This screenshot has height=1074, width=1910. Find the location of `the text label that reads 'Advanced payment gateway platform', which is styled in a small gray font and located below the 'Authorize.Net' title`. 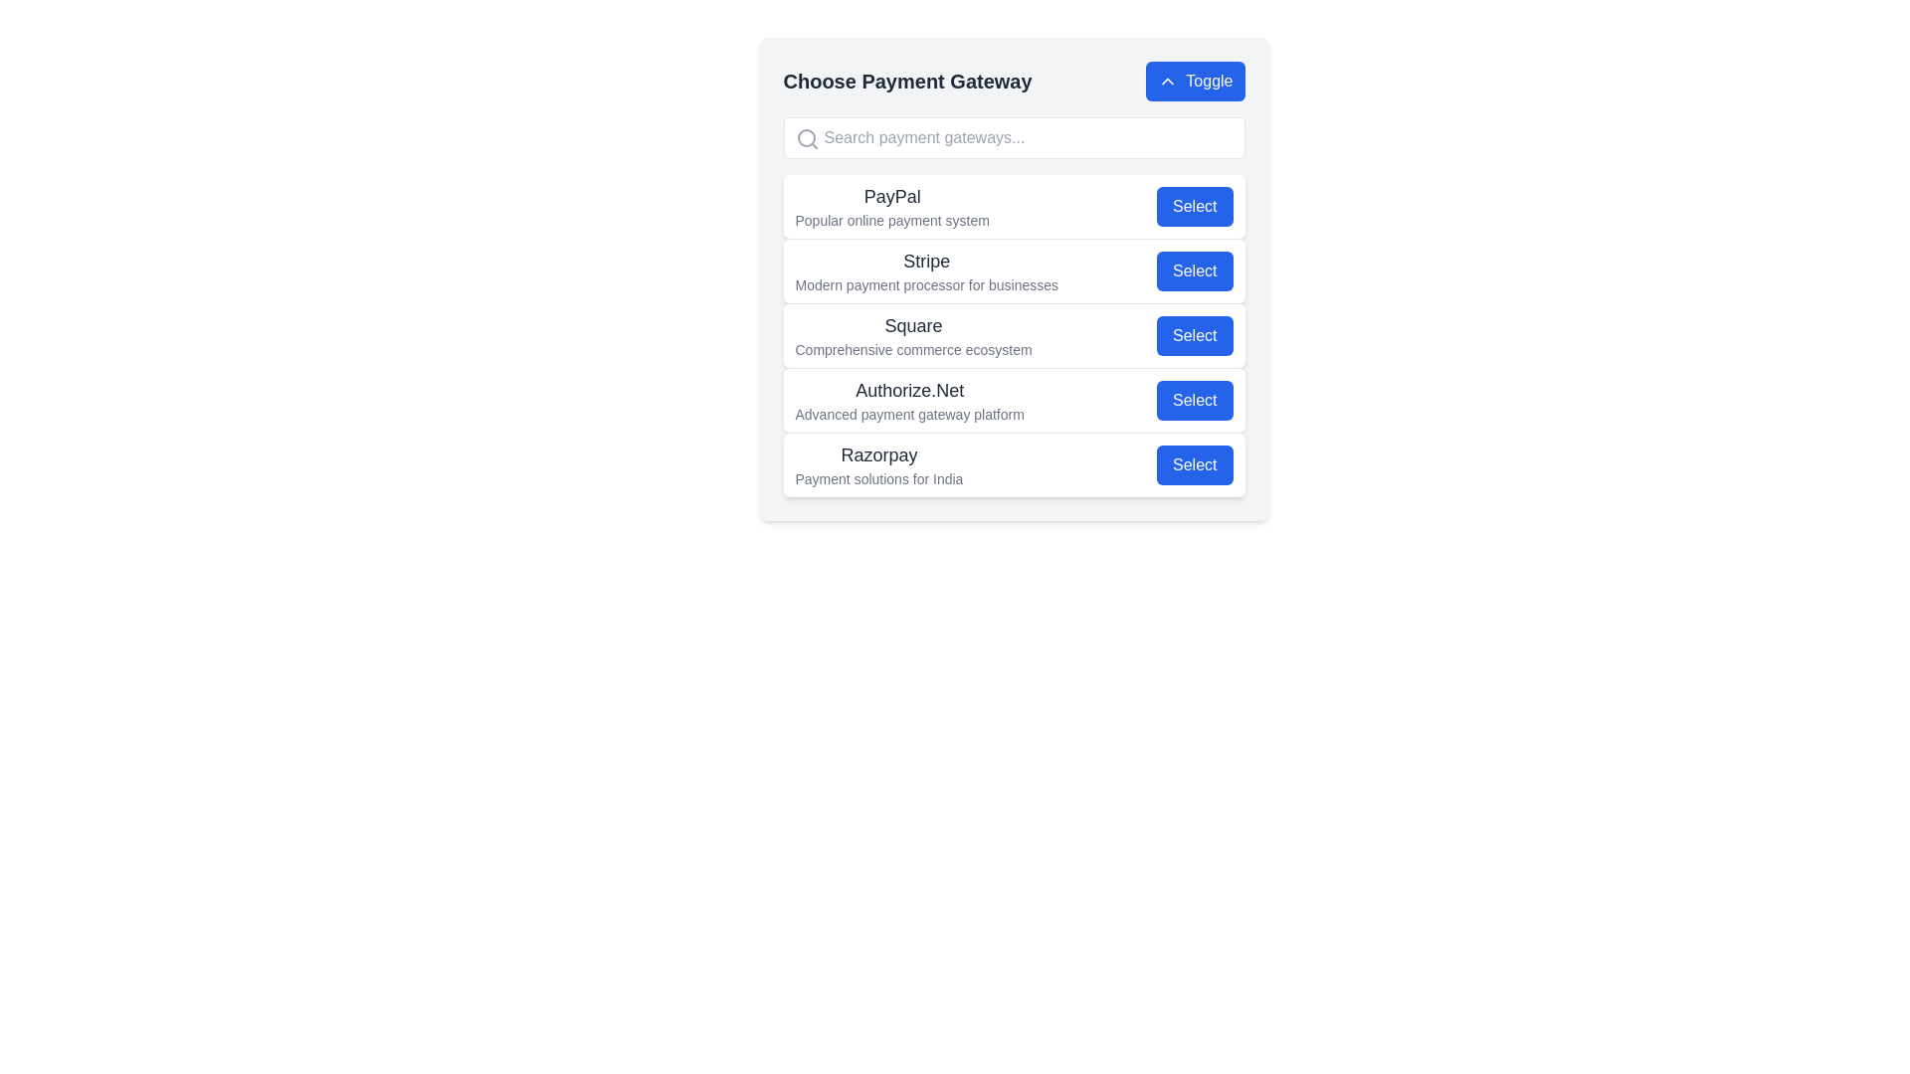

the text label that reads 'Advanced payment gateway platform', which is styled in a small gray font and located below the 'Authorize.Net' title is located at coordinates (908, 413).